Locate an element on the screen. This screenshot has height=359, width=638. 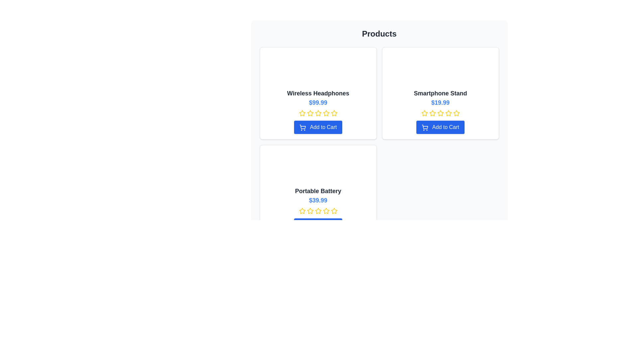
the first star is located at coordinates (424, 113).